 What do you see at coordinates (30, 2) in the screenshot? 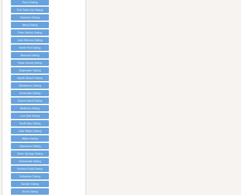
I see `'Perry Dating'` at bounding box center [30, 2].